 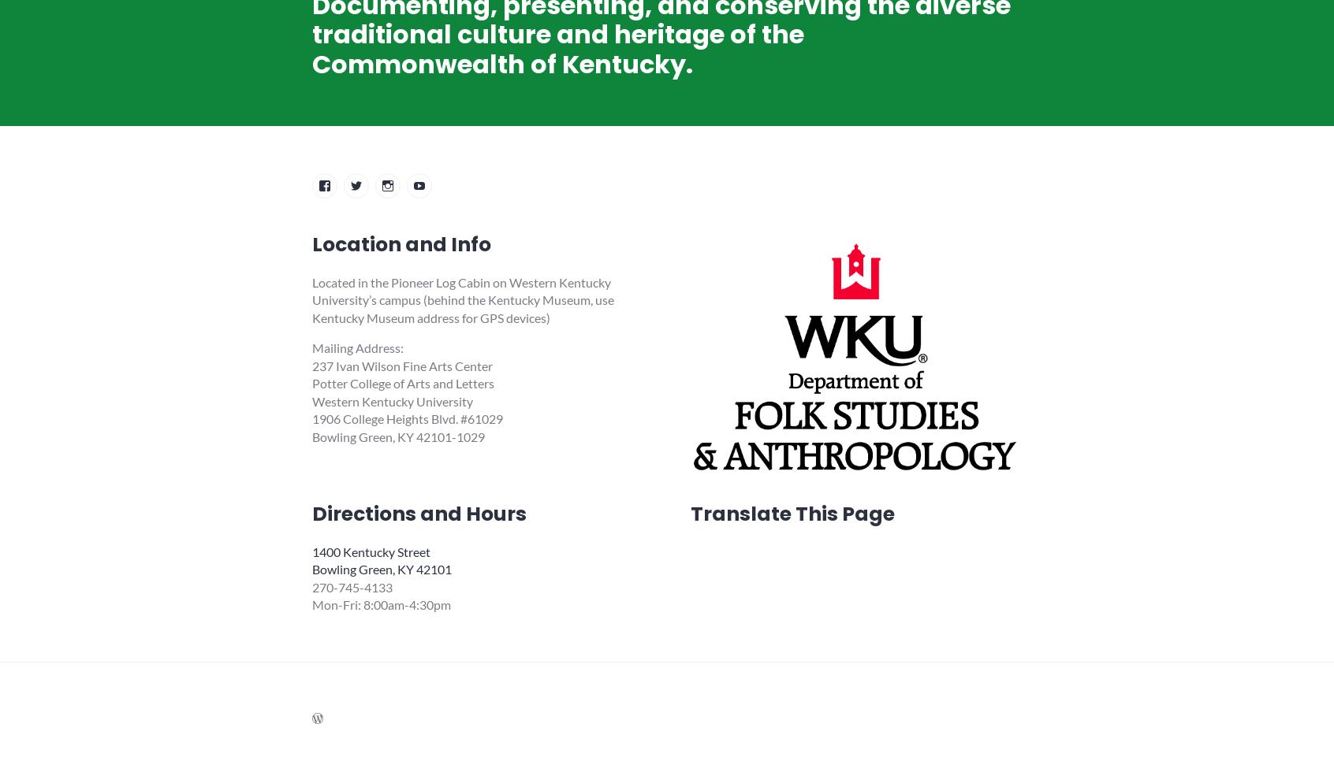 What do you see at coordinates (419, 514) in the screenshot?
I see `'Directions and Hours'` at bounding box center [419, 514].